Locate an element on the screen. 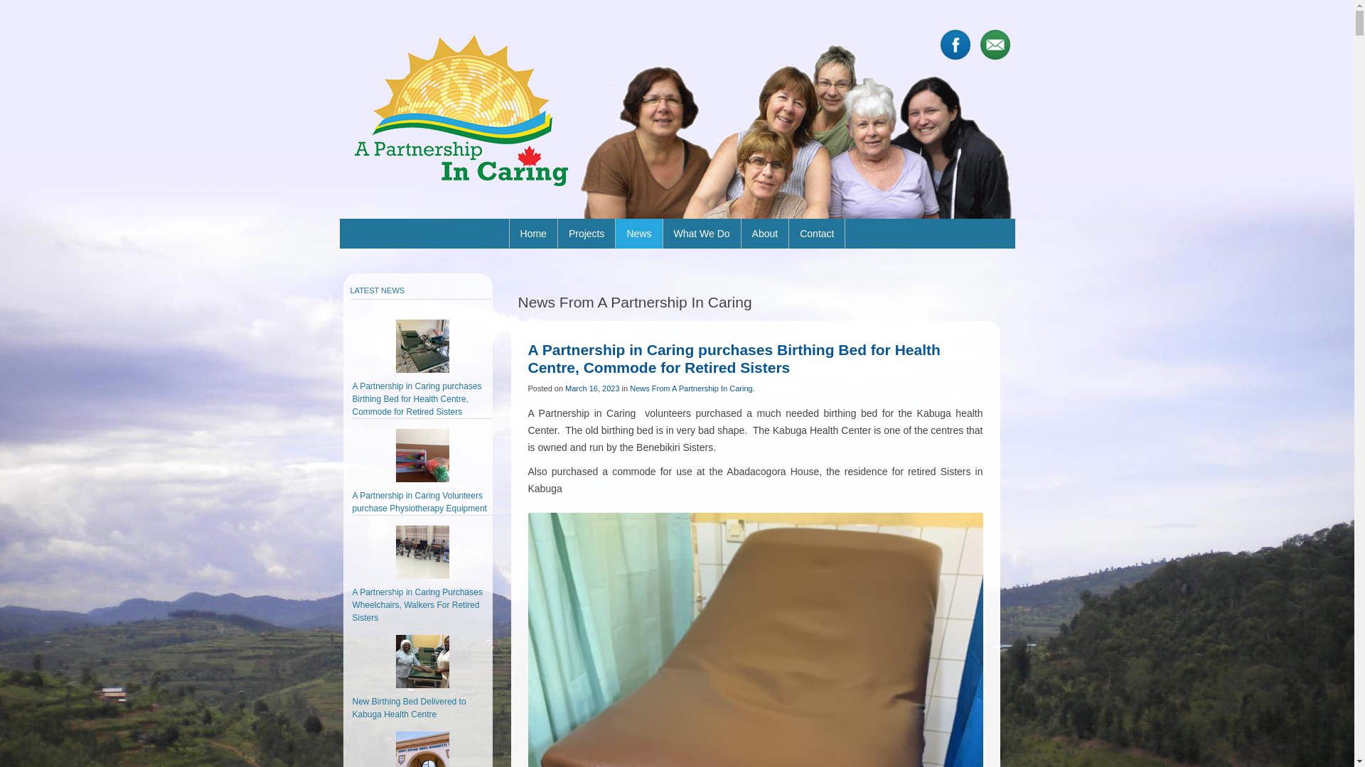 This screenshot has width=1365, height=767. 'A Partnership In Caring' is located at coordinates (460, 109).